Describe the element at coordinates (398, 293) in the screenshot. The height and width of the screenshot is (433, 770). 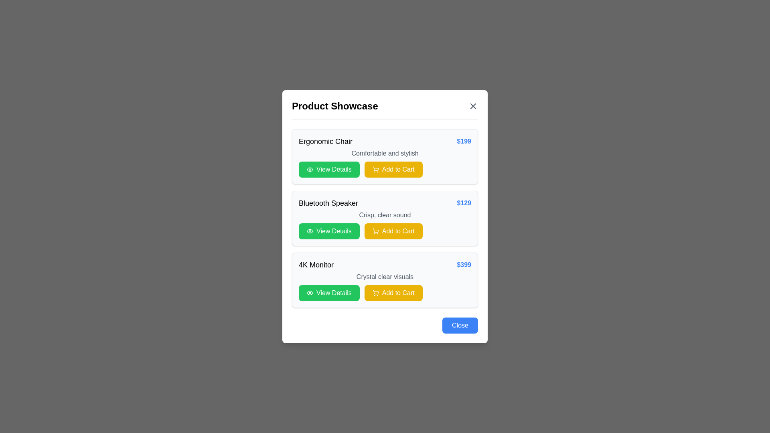
I see `the 'Add to Cart' button, which is a bold white text on a yellow background located in the lower-right corner of the '4K Monitor' product modal` at that location.